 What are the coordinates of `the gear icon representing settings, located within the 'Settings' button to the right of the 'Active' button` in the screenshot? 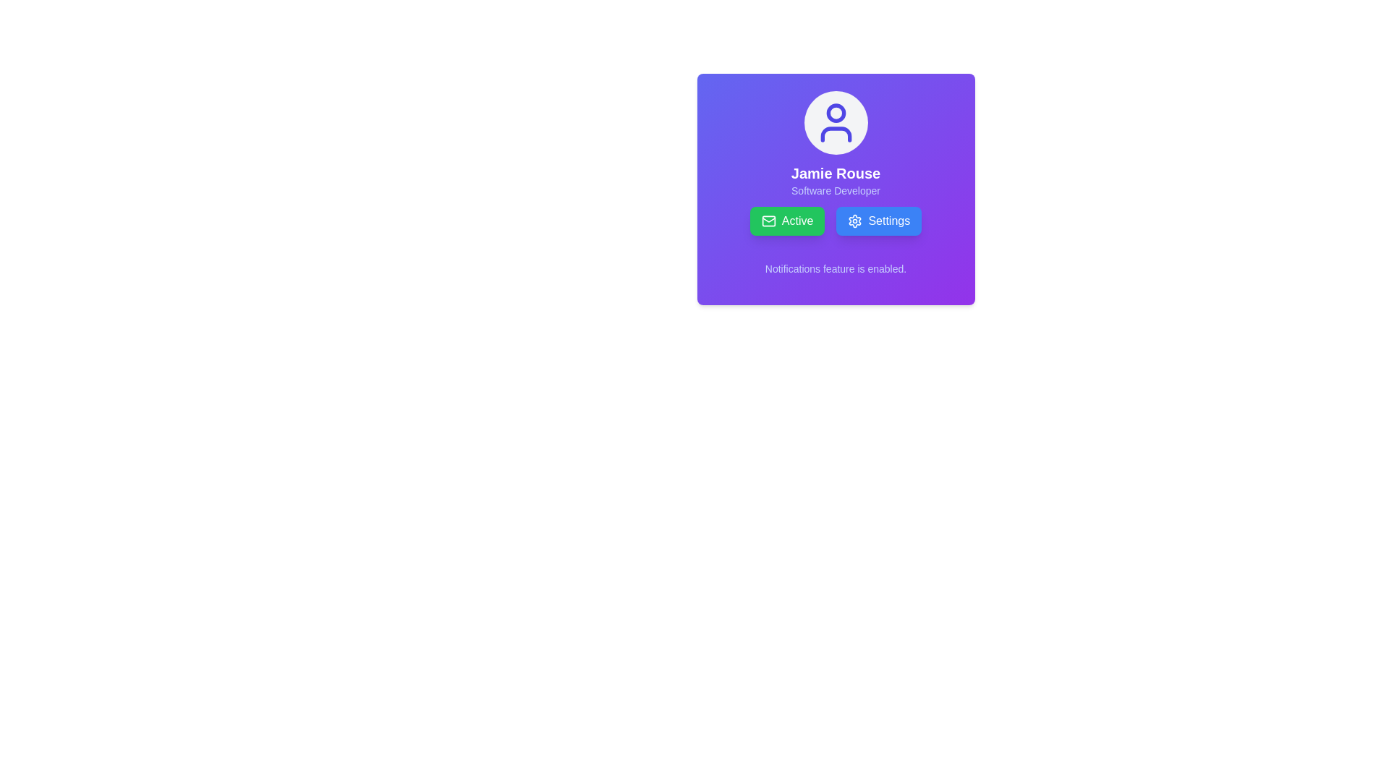 It's located at (855, 221).